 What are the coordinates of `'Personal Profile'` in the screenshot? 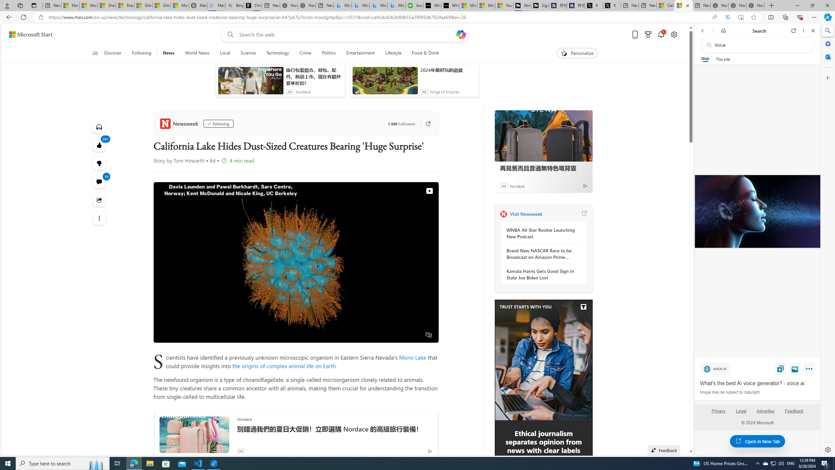 It's located at (7, 5).